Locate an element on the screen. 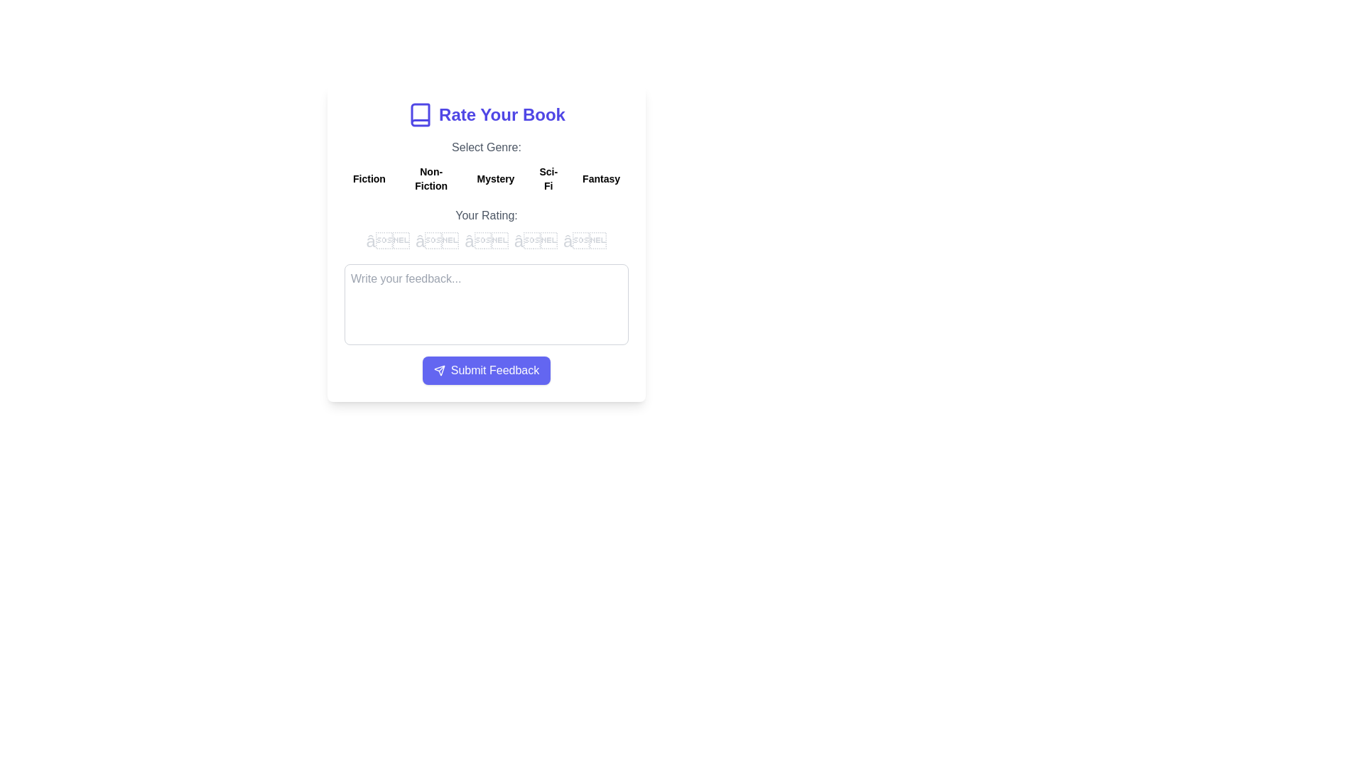 Image resolution: width=1364 pixels, height=767 pixels. the first star of the interactive star-based rating selector labeled 'Your Rating:' is located at coordinates (487, 229).